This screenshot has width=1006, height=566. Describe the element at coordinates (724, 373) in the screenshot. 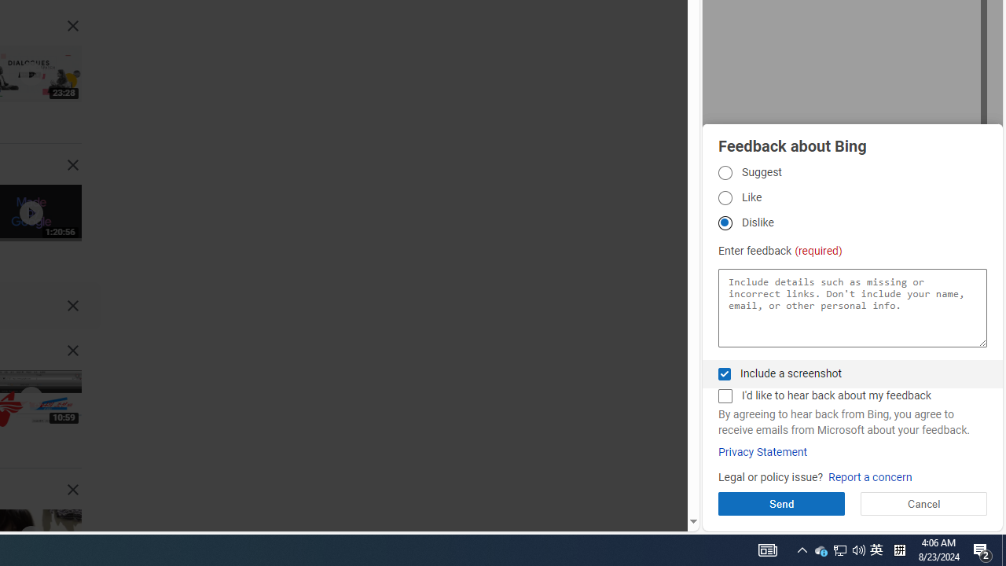

I see `'AutomationID: fbpgdgsschk'` at that location.